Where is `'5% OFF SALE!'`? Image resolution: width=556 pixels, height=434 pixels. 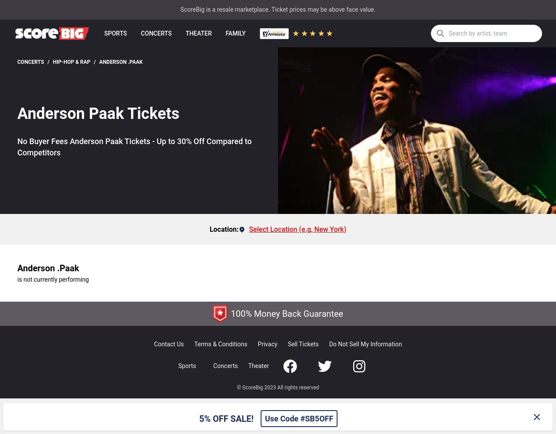 '5% OFF SALE!' is located at coordinates (198, 418).